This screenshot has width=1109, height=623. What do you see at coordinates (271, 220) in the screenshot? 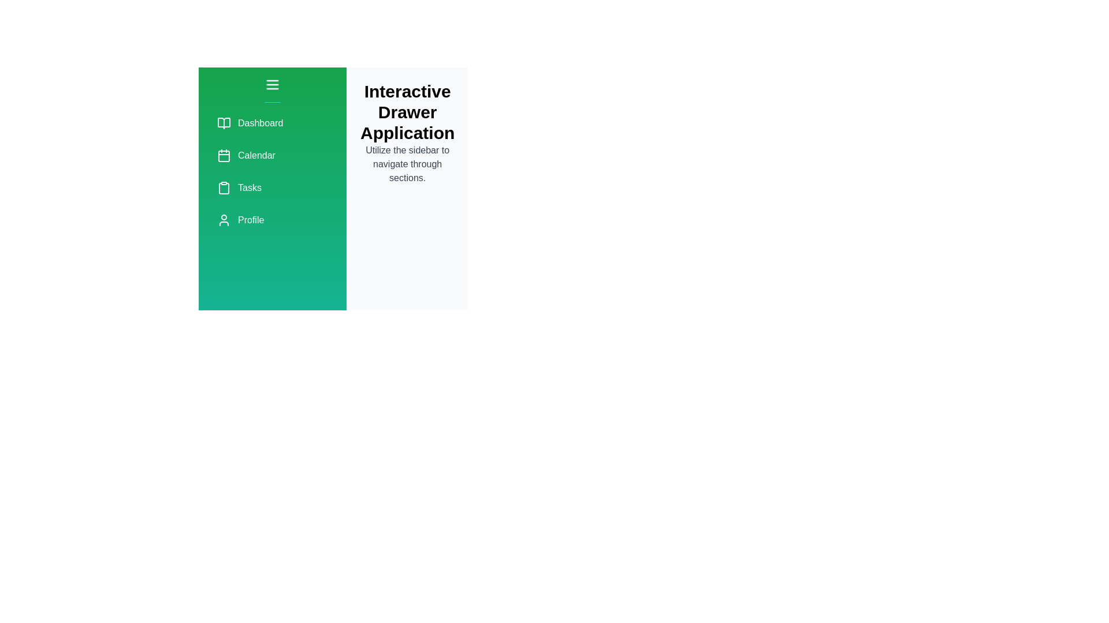
I see `the menu item labeled Profile to navigate to its respective section` at bounding box center [271, 220].